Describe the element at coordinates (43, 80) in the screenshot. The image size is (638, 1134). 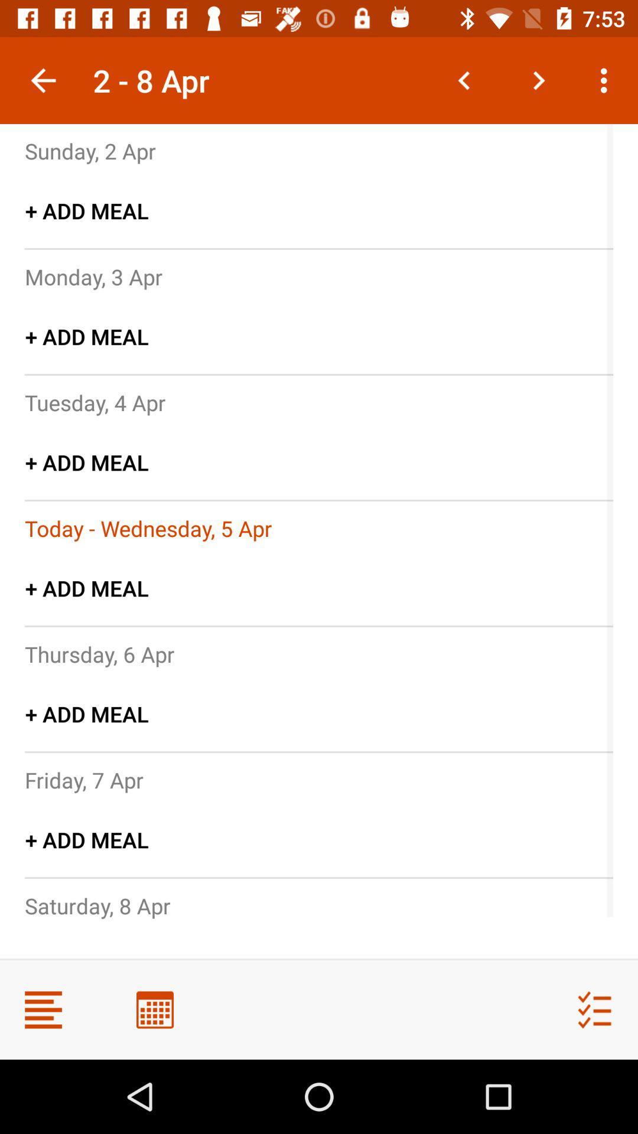
I see `icon above the sunday, 2 apr item` at that location.